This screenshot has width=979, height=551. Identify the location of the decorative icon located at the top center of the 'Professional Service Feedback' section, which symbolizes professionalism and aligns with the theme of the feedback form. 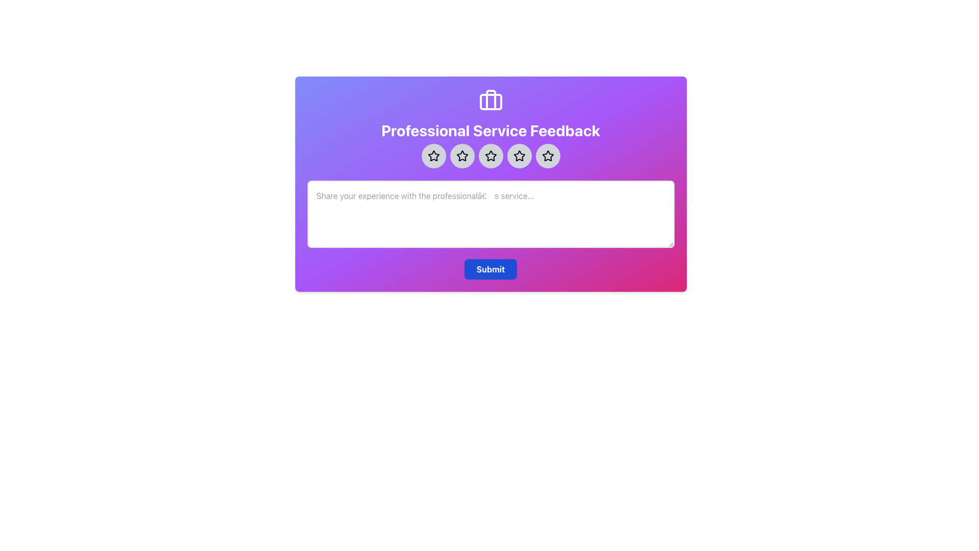
(491, 101).